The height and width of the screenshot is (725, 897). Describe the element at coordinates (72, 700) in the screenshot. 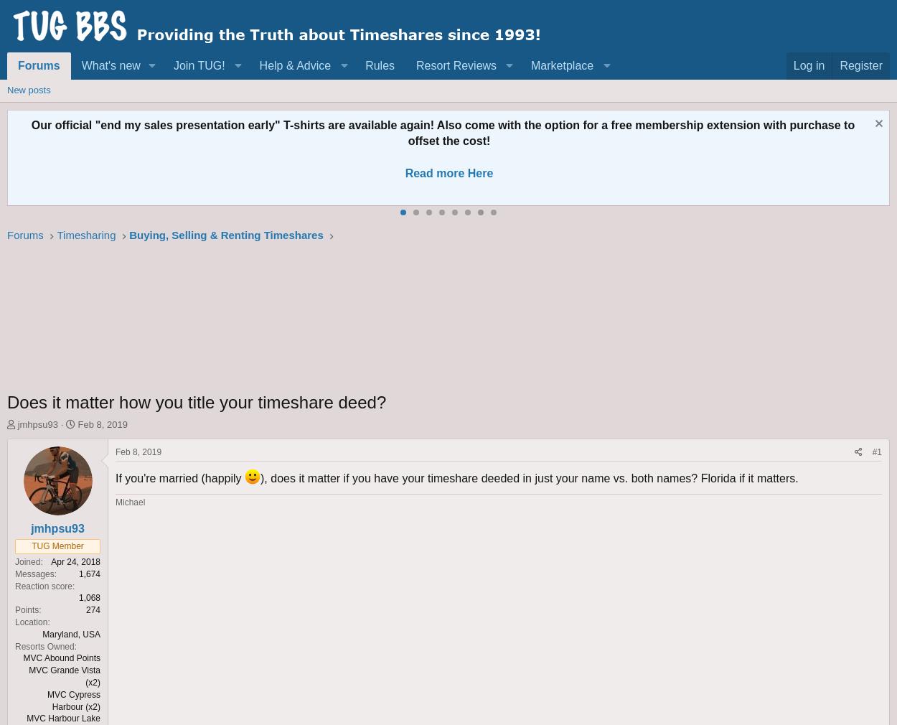

I see `'MVC Cypress Harbour (x2)'` at that location.